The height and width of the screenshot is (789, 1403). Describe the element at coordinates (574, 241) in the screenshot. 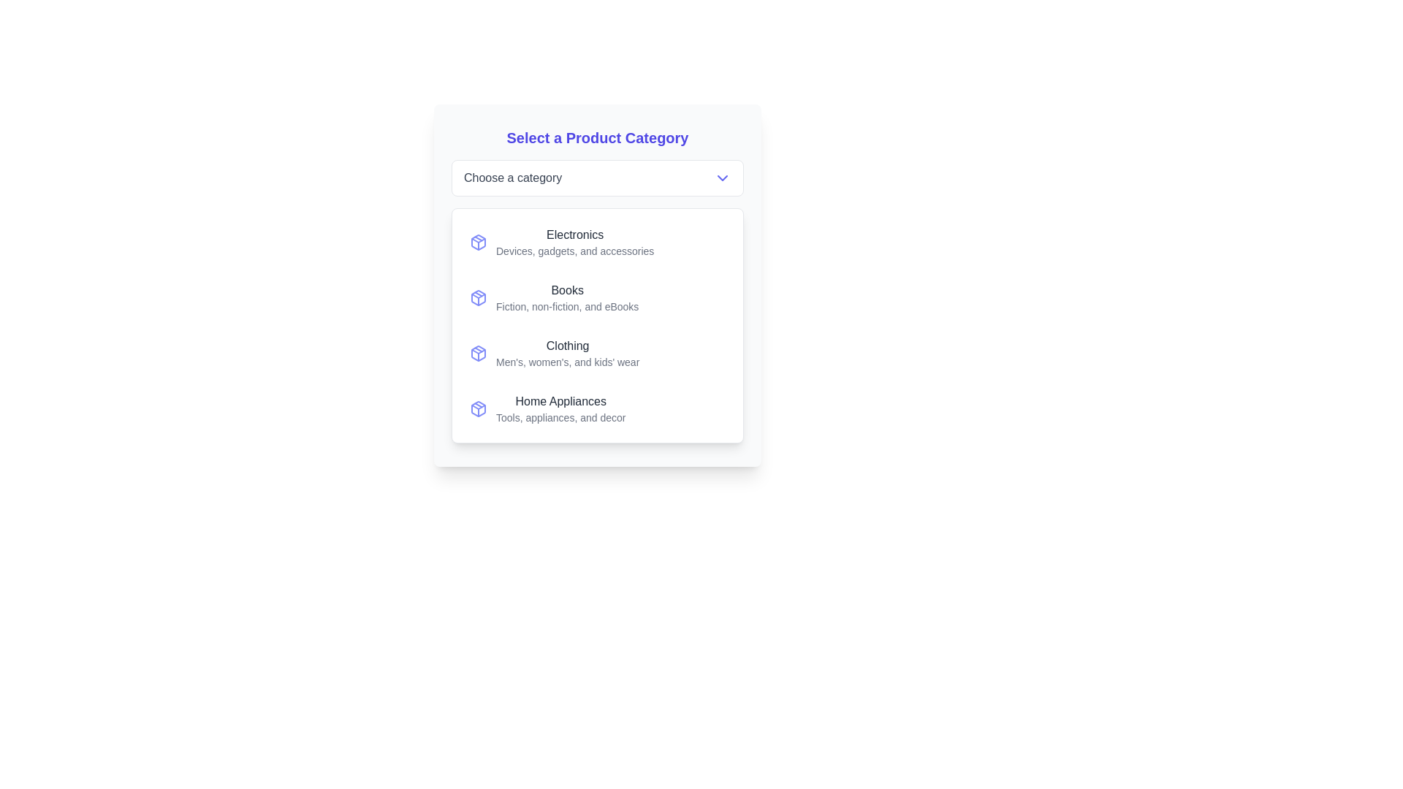

I see `the first list item in the dropdown menu for product categories, which represents the Electronics category and includes a box icon` at that location.